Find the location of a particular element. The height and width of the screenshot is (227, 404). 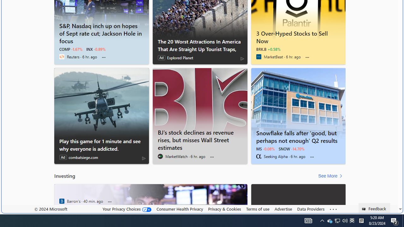

'BRK.B +0.58%' is located at coordinates (268, 49).